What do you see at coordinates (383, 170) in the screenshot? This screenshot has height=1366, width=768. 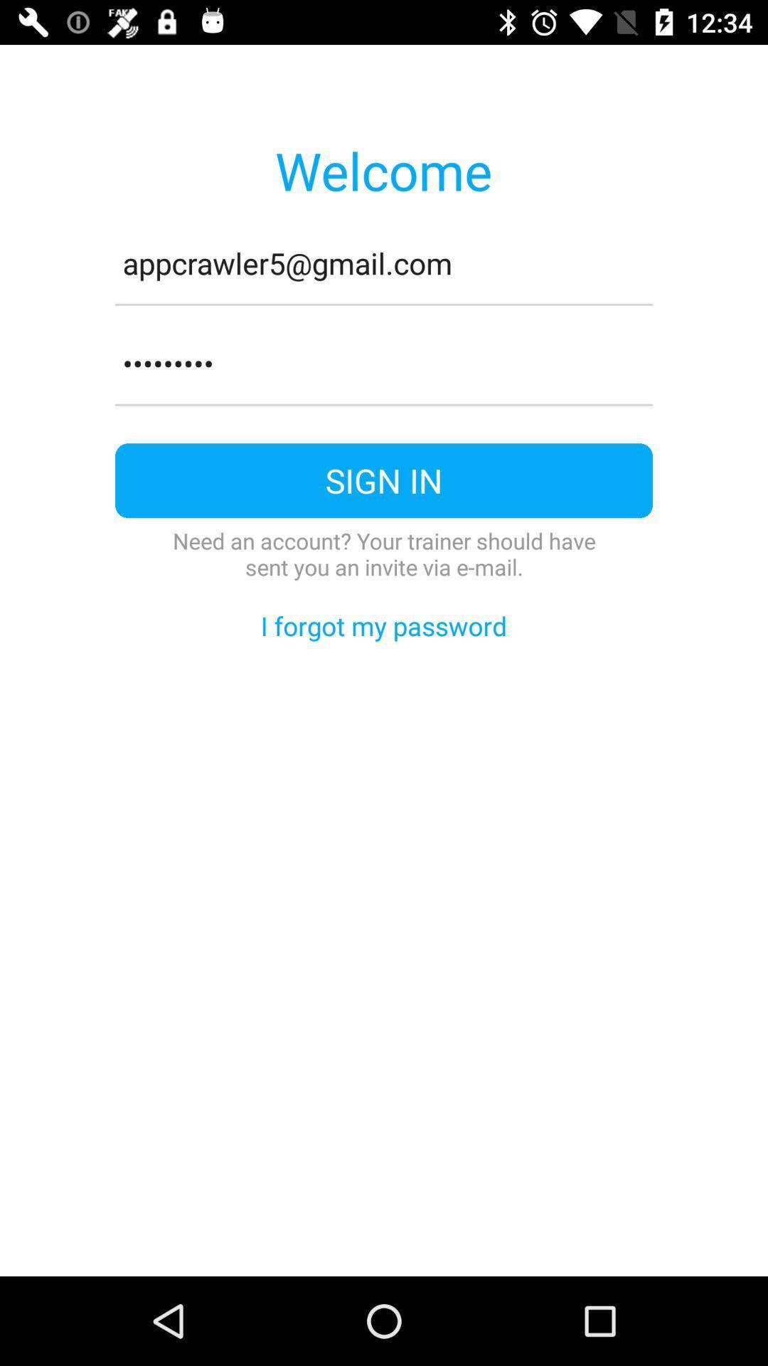 I see `the icon above appcrawler5@gmail.com` at bounding box center [383, 170].